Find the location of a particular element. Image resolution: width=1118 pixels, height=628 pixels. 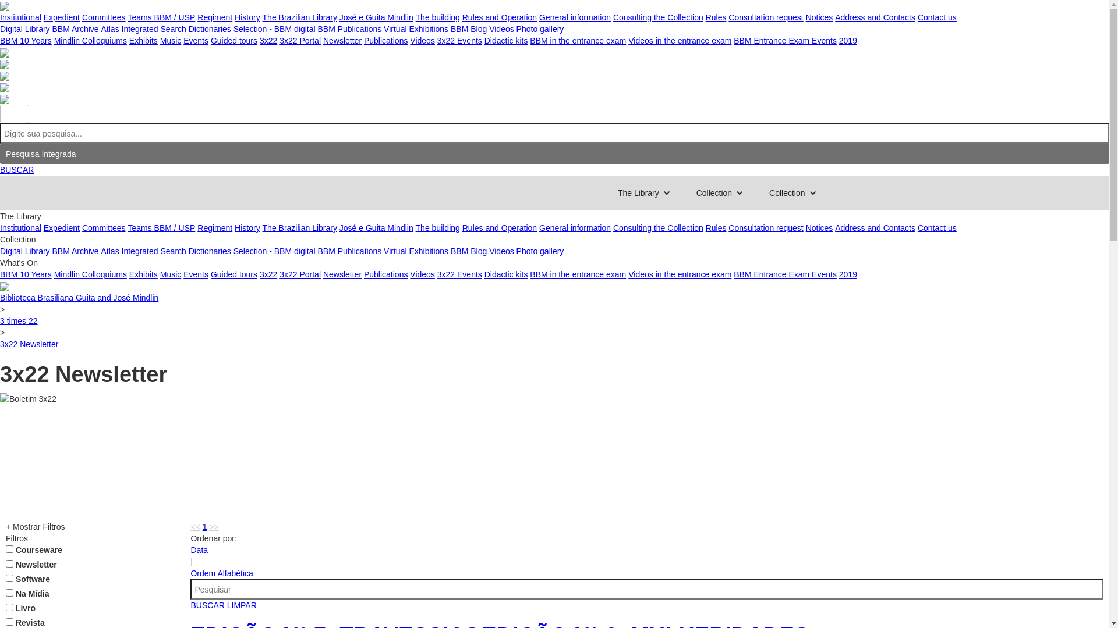

'3 times 22' is located at coordinates (19, 320).